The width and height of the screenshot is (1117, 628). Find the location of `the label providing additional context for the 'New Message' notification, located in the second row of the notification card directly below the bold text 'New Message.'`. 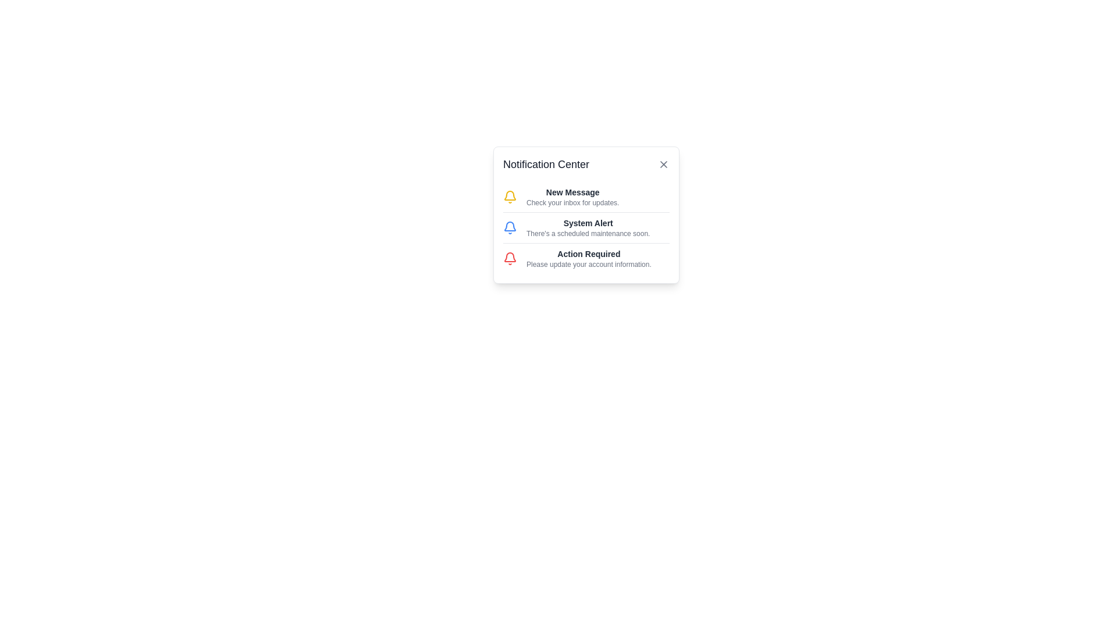

the label providing additional context for the 'New Message' notification, located in the second row of the notification card directly below the bold text 'New Message.' is located at coordinates (572, 202).